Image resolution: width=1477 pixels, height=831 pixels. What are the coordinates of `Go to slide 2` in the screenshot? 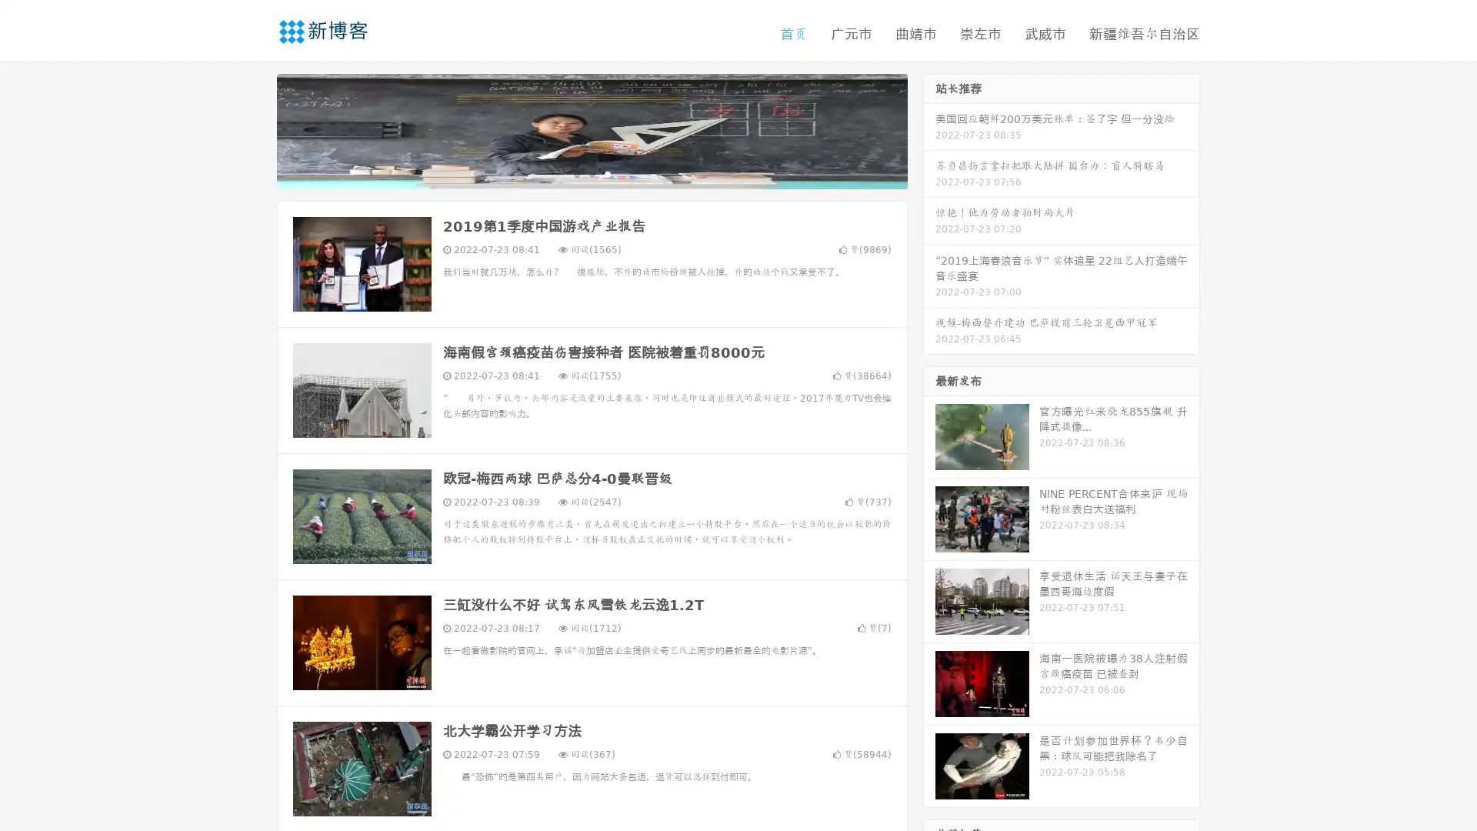 It's located at (591, 173).